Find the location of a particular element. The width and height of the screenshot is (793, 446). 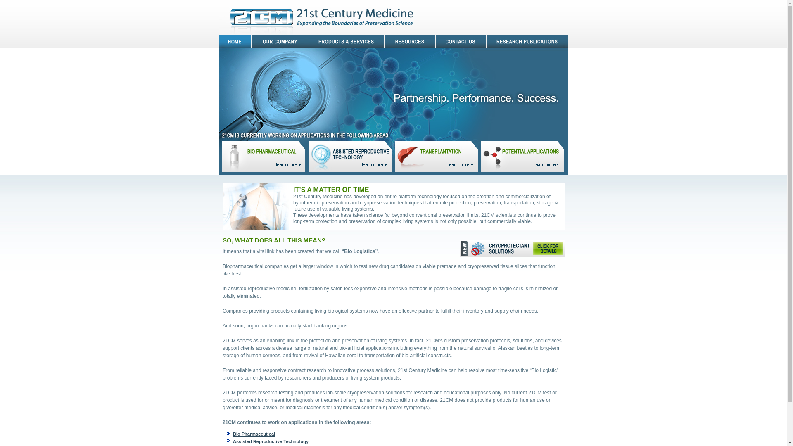

'Contact us' is located at coordinates (461, 41).